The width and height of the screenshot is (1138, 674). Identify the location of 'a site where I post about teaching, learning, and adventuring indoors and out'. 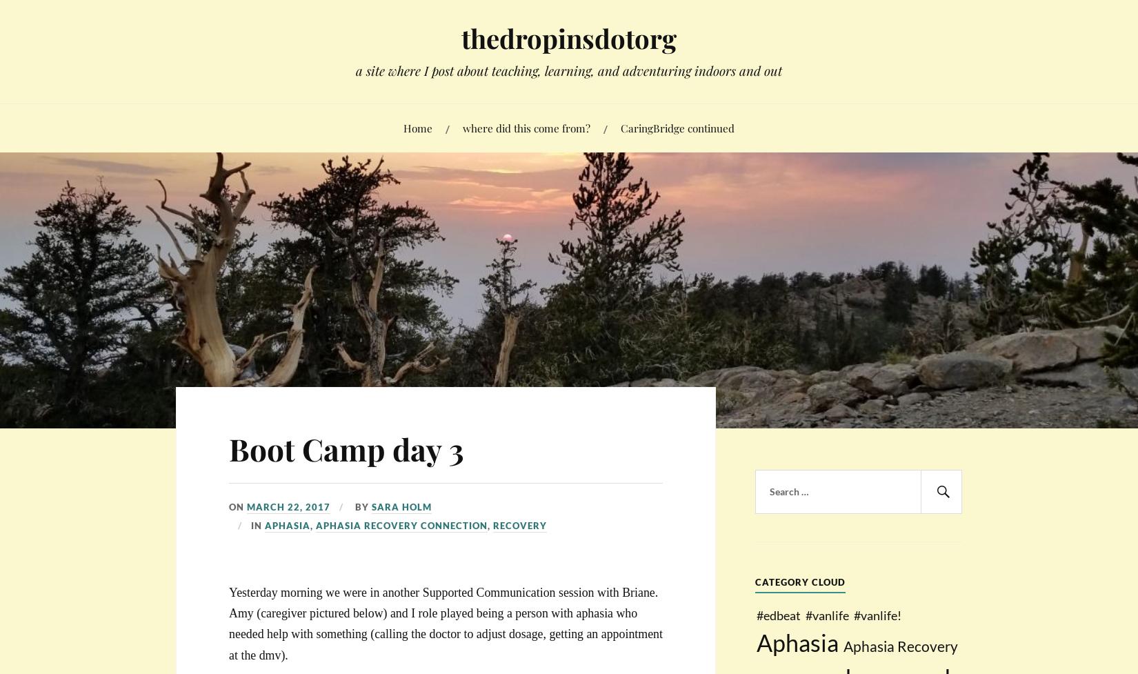
(355, 70).